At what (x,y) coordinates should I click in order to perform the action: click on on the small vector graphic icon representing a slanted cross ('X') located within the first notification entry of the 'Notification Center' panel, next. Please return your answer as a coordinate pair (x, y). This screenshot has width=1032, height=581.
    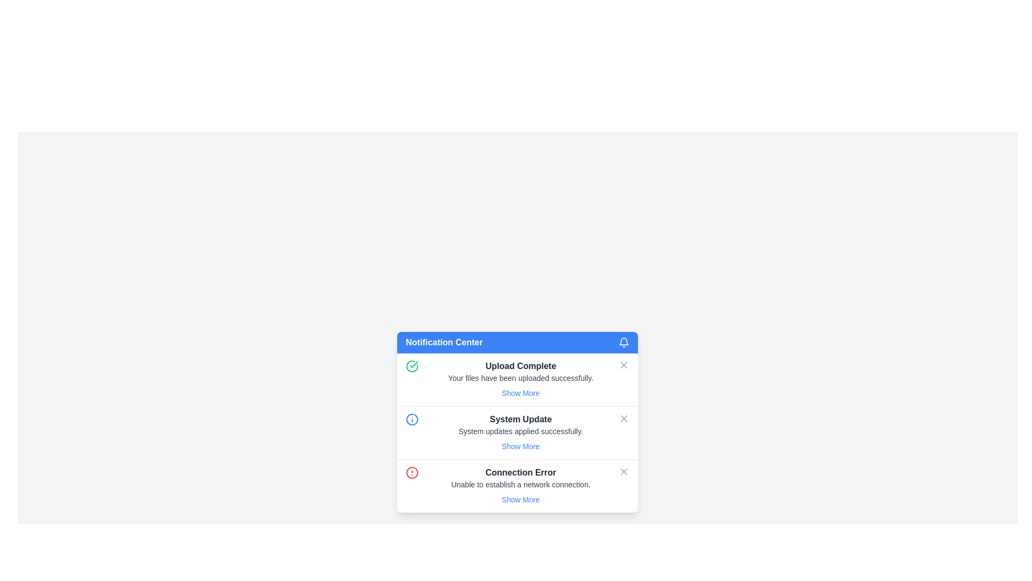
    Looking at the image, I should click on (624, 364).